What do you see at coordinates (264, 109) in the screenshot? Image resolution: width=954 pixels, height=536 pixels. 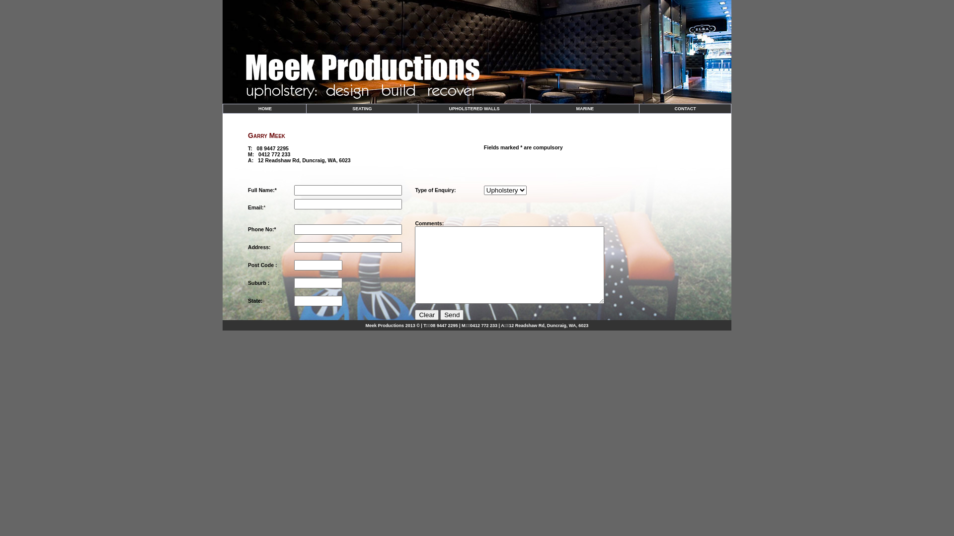 I see `' HOME'` at bounding box center [264, 109].